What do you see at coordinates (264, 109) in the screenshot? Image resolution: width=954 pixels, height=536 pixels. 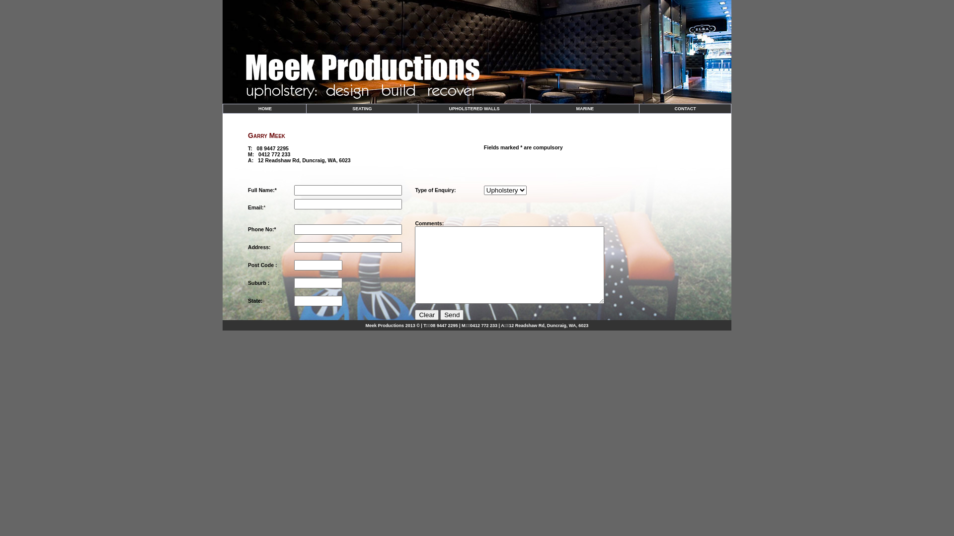 I see `' HOME'` at bounding box center [264, 109].